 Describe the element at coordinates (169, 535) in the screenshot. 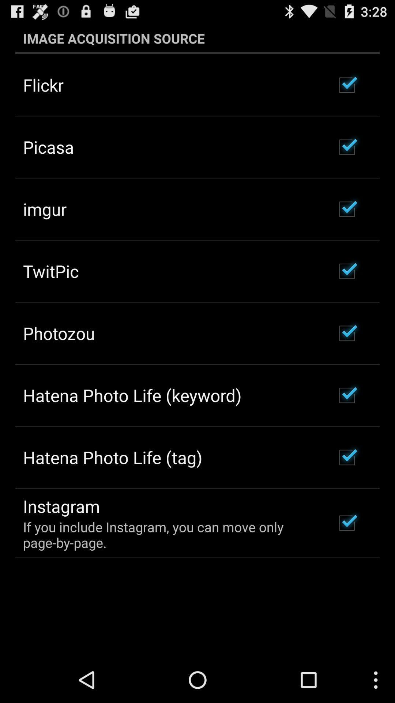

I see `if you include icon` at that location.